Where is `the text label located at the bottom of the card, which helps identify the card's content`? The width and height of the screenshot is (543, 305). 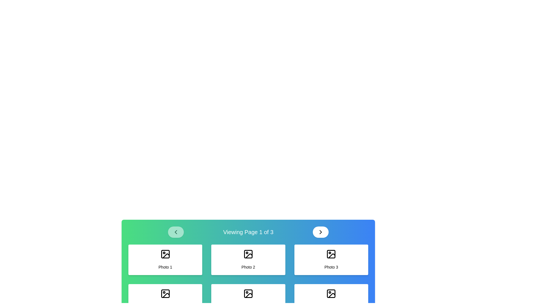
the text label located at the bottom of the card, which helps identify the card's content is located at coordinates (165, 267).